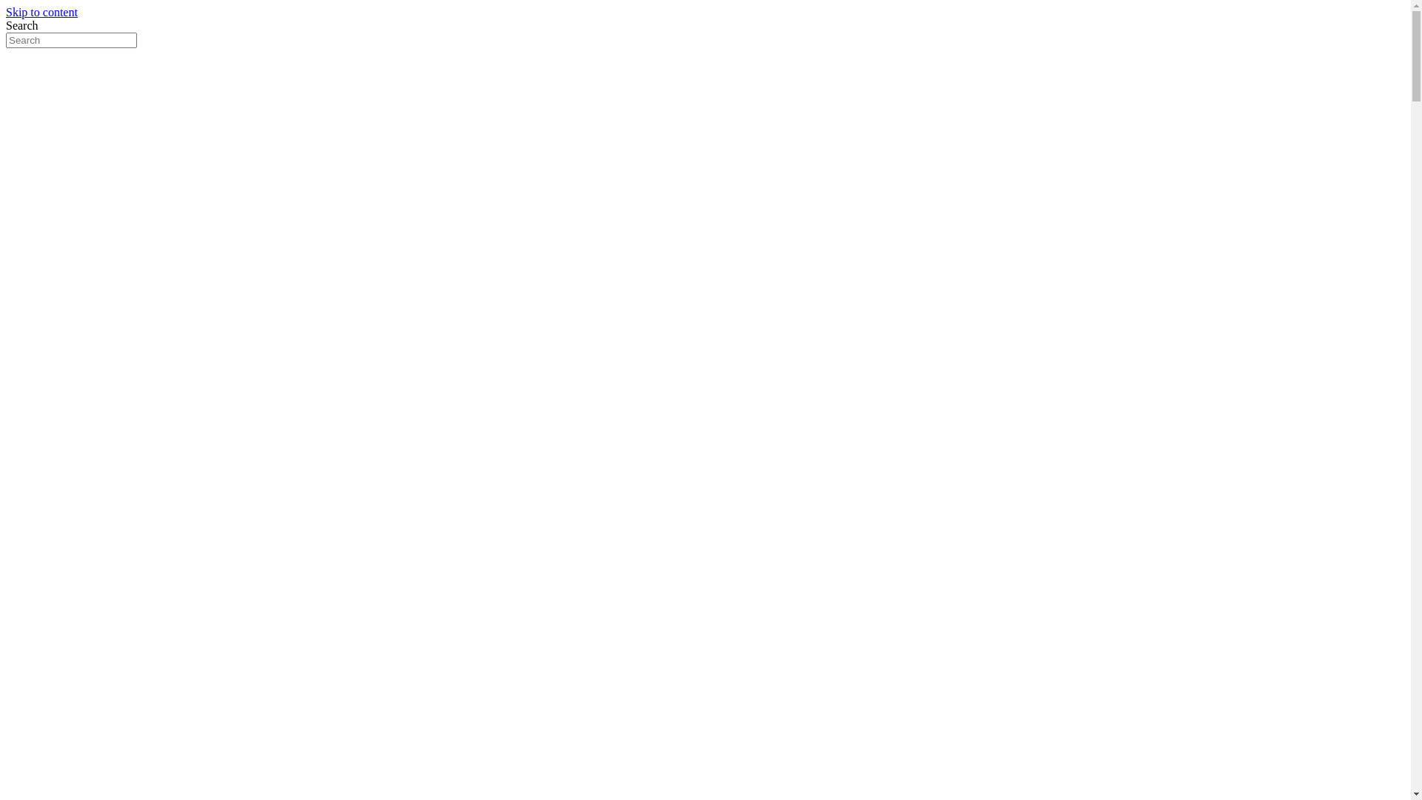 The image size is (1422, 800). What do you see at coordinates (41, 12) in the screenshot?
I see `'Skip to content'` at bounding box center [41, 12].